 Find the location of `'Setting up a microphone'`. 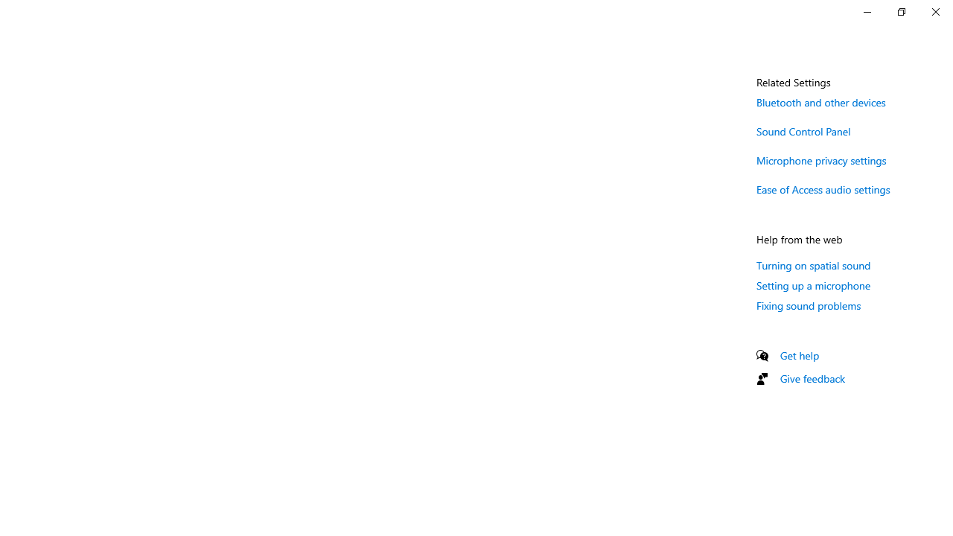

'Setting up a microphone' is located at coordinates (813, 285).